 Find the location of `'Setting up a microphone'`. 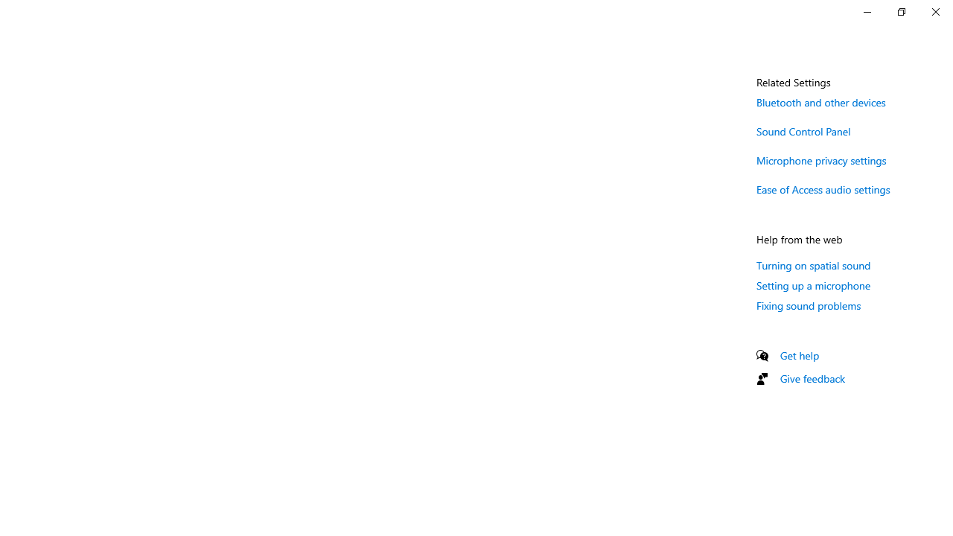

'Setting up a microphone' is located at coordinates (813, 285).